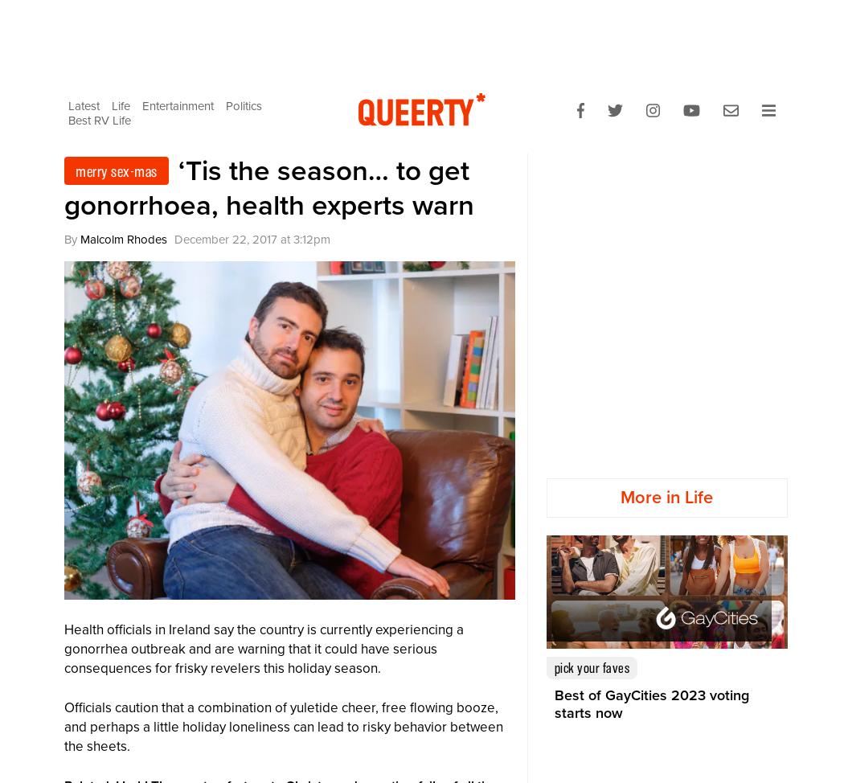 The height and width of the screenshot is (783, 844). Describe the element at coordinates (174, 239) in the screenshot. I see `'December 22, 2017'` at that location.